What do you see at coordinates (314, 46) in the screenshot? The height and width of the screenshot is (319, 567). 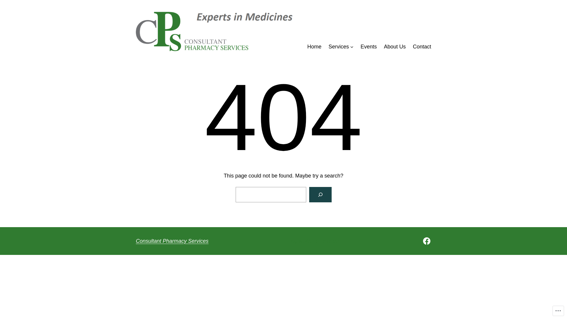 I see `'Home'` at bounding box center [314, 46].